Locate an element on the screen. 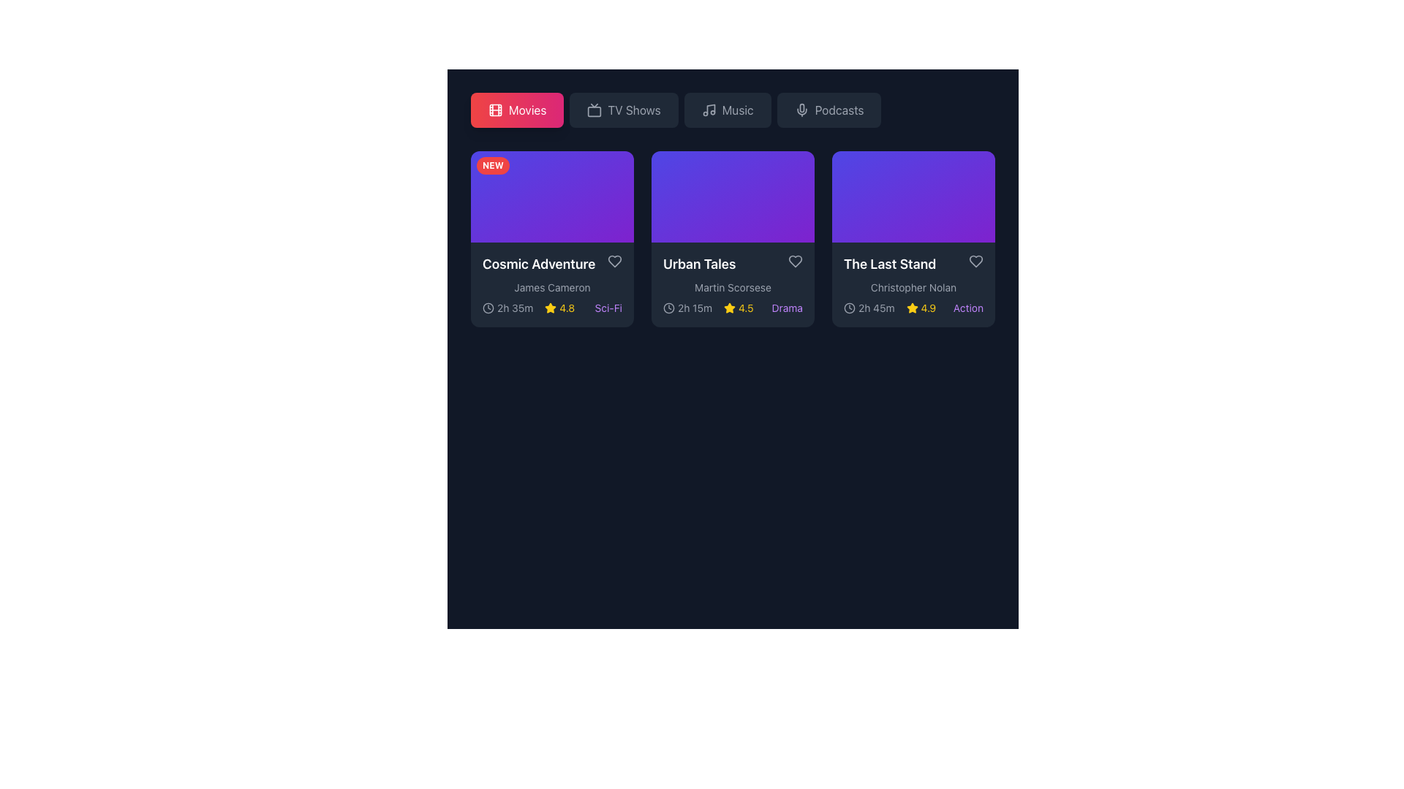 This screenshot has width=1404, height=789. the static text label displaying 'Christopher Nolan', which is located within the card labeled 'The Last Stand' in the lower mid-section of the third column is located at coordinates (913, 288).